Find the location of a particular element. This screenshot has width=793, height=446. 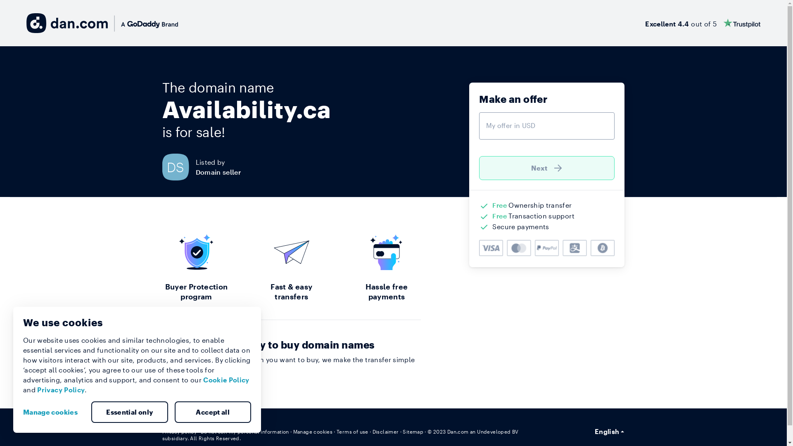

'Disclaimer' is located at coordinates (385, 431).